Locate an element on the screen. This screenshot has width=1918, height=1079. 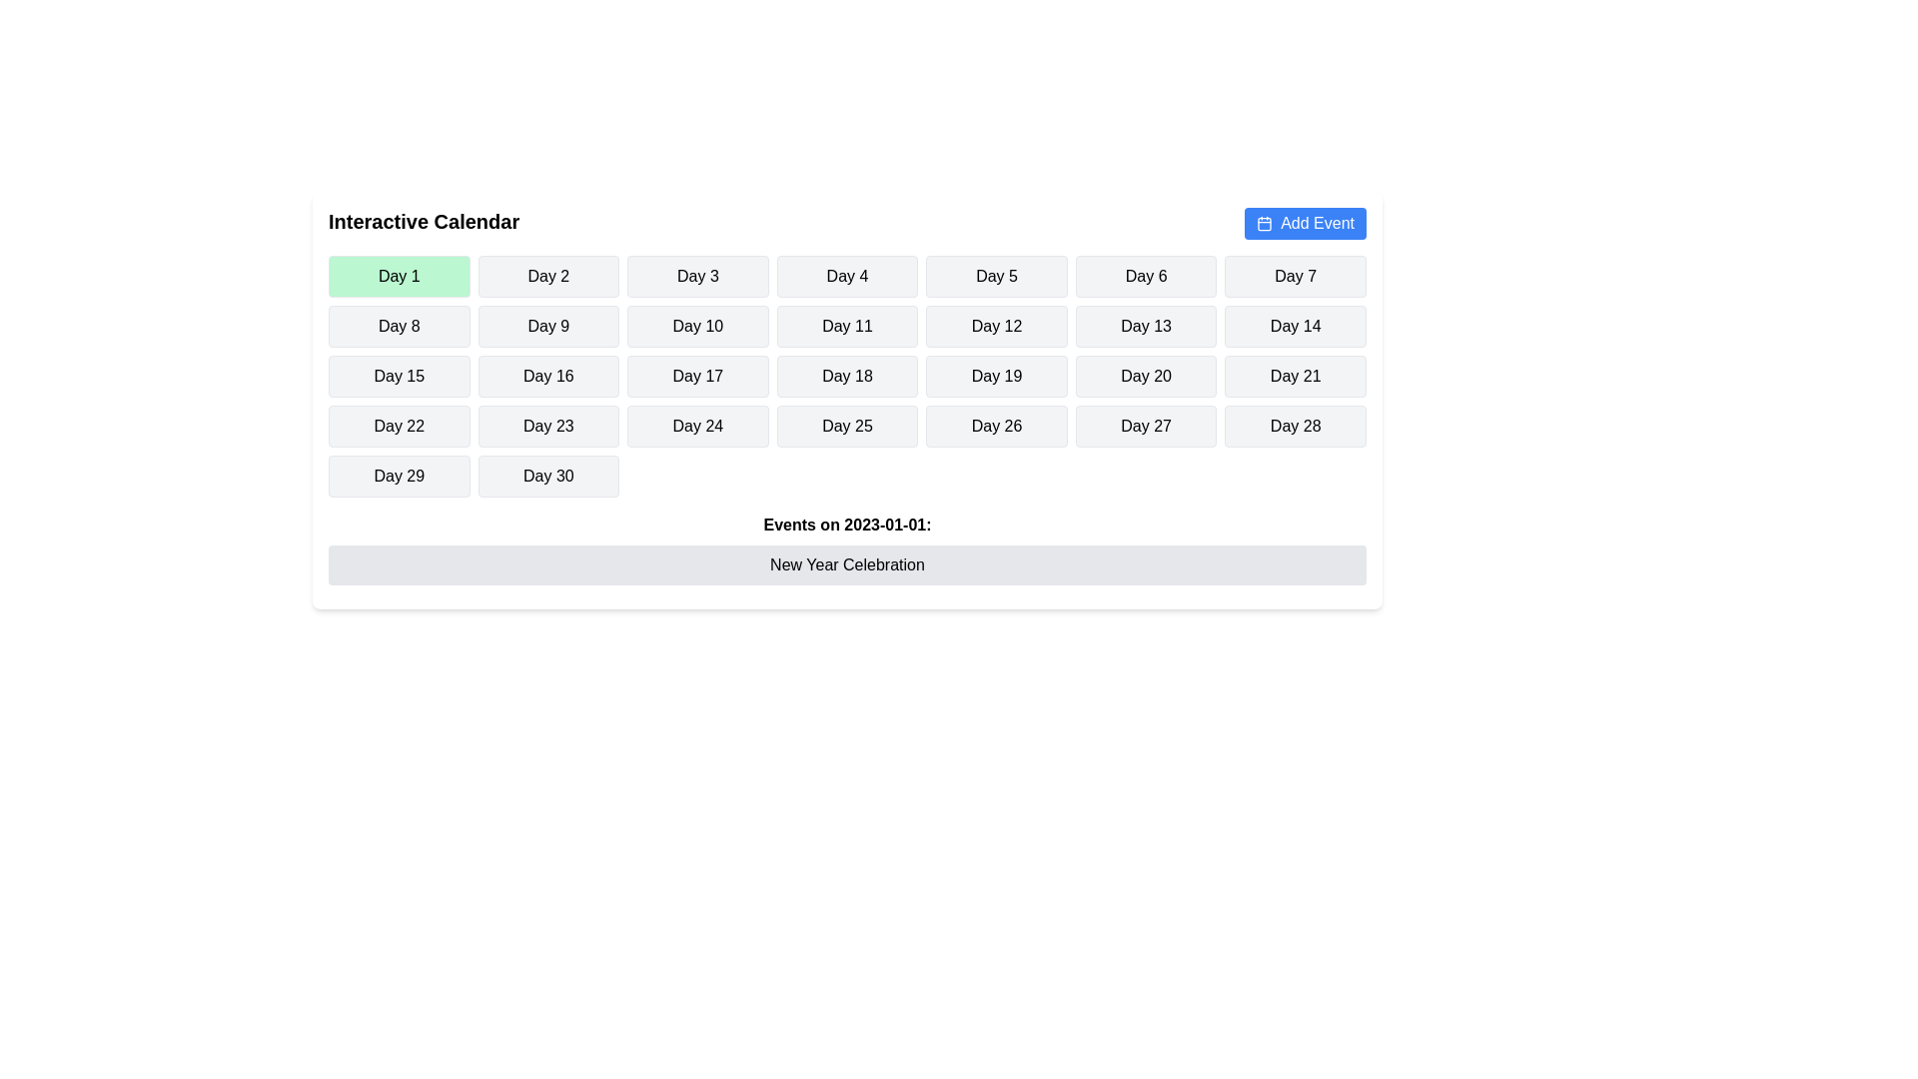
the button representing the 15th day in the calendar grid is located at coordinates (399, 377).